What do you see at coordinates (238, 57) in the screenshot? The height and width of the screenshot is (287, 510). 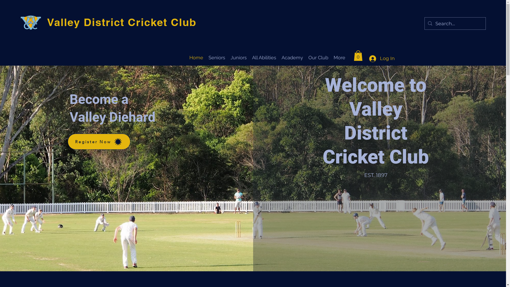 I see `'Juniors'` at bounding box center [238, 57].